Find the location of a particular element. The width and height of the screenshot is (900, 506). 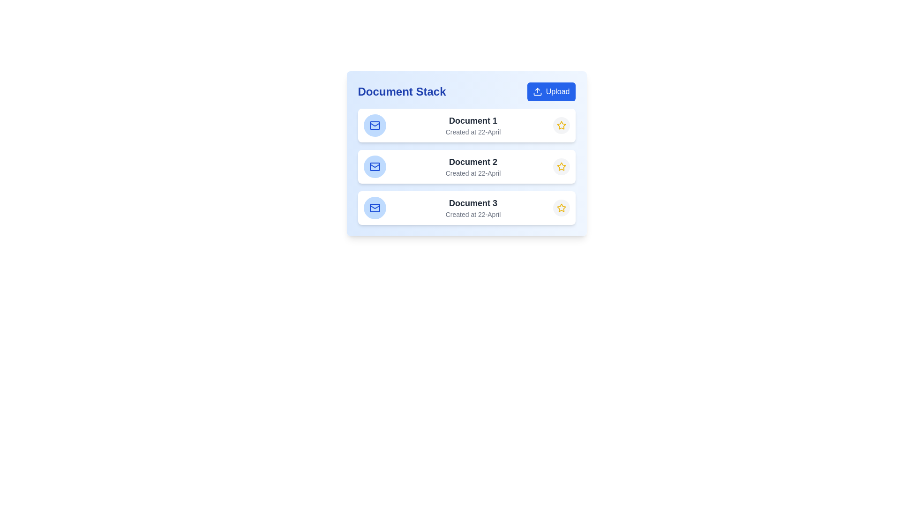

the button for marking 'Document 2' as a favorite is located at coordinates (561, 166).